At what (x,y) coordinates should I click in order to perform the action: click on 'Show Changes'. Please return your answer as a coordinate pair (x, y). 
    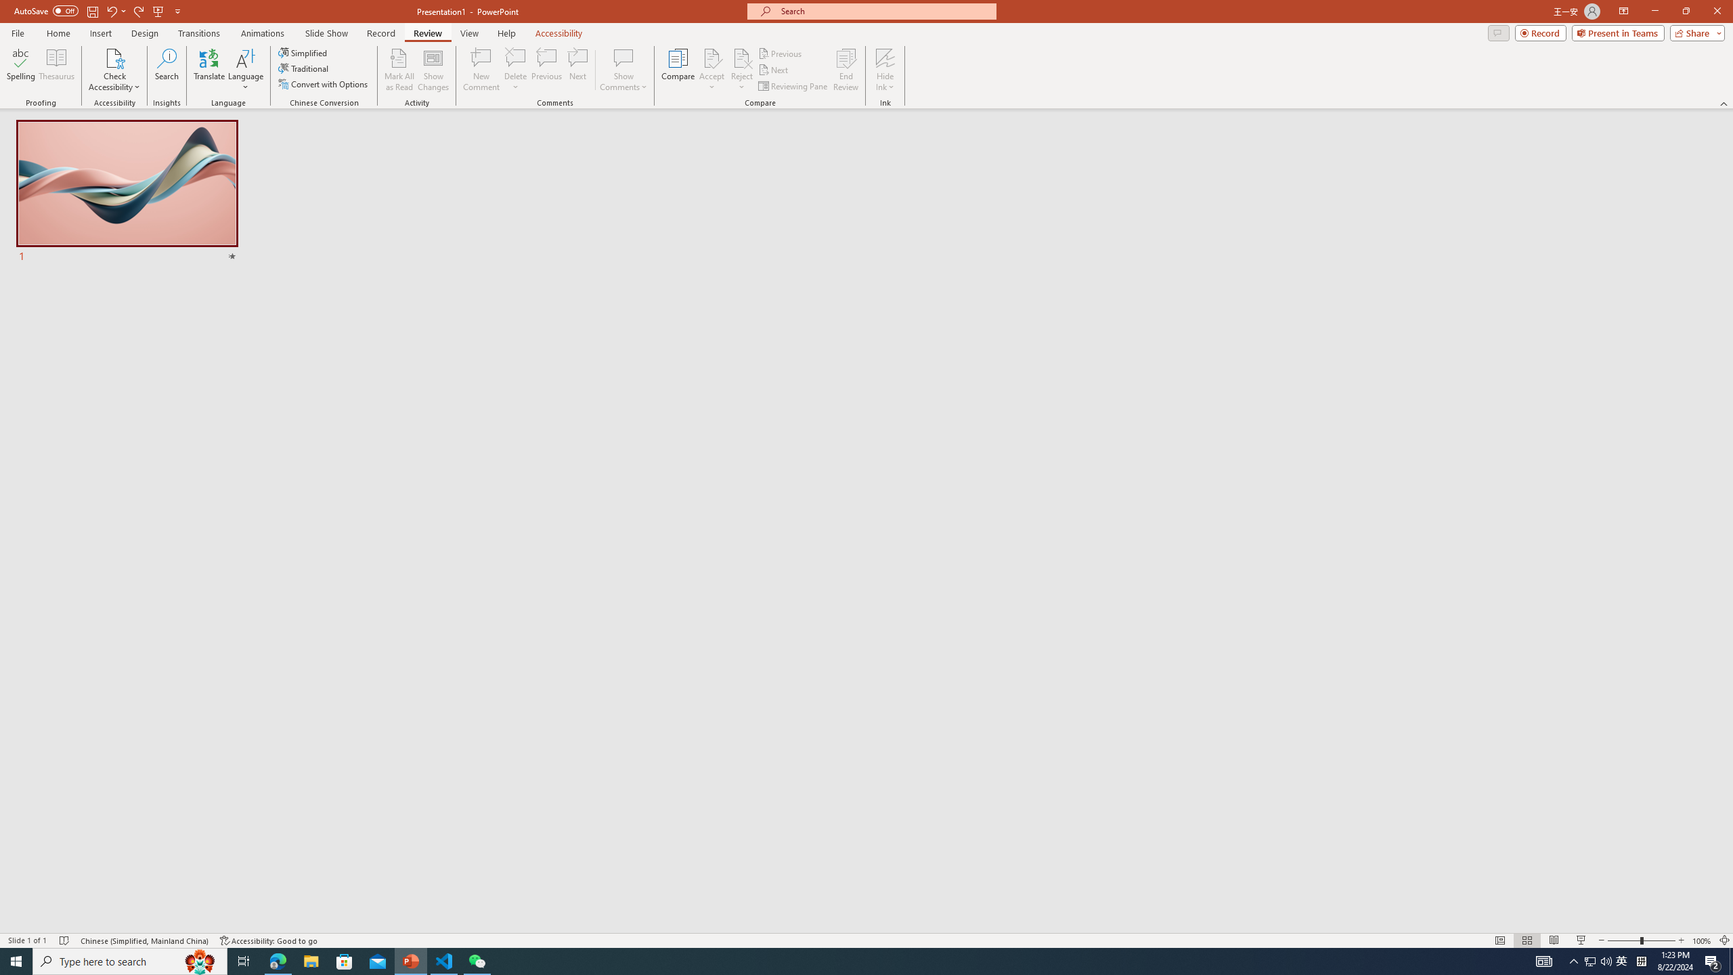
    Looking at the image, I should click on (433, 70).